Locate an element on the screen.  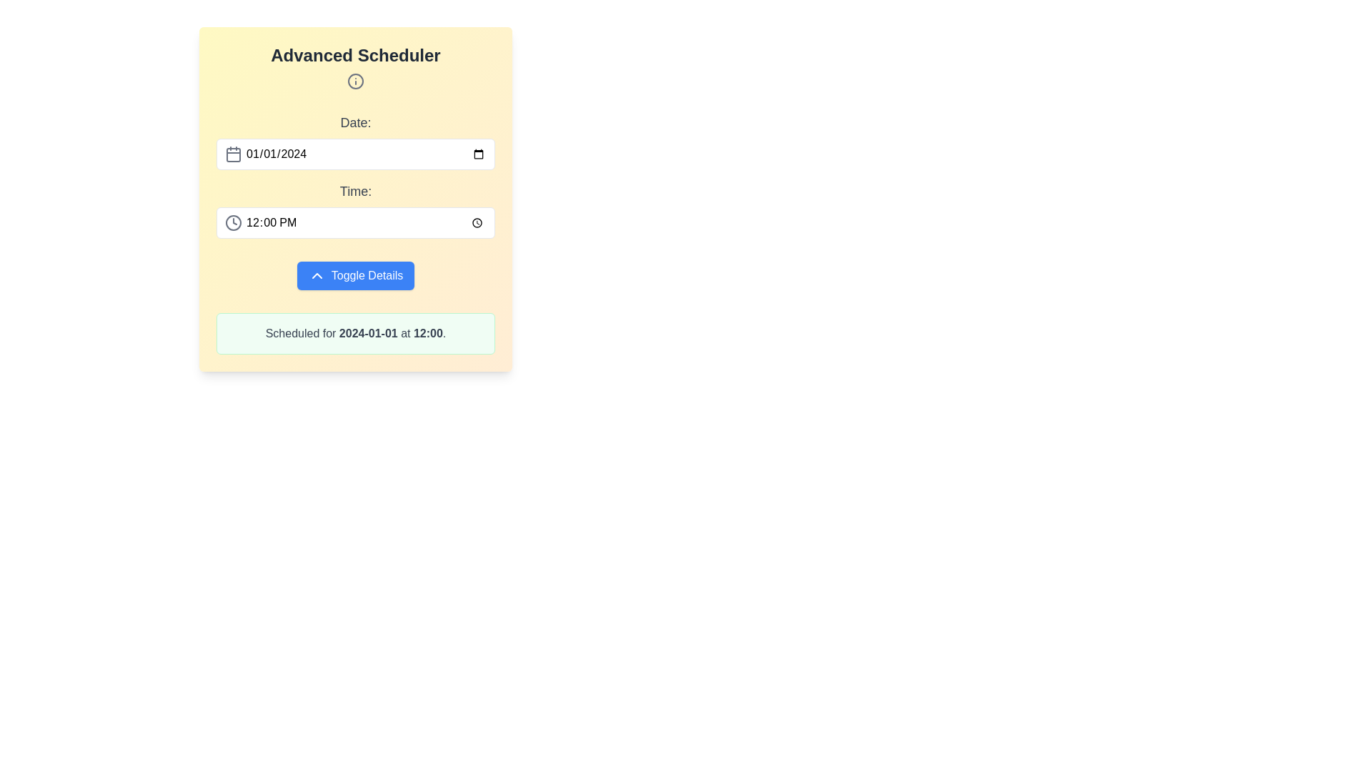
the Date input field in the scheduler interface by using the keyboard for navigation is located at coordinates (356, 154).